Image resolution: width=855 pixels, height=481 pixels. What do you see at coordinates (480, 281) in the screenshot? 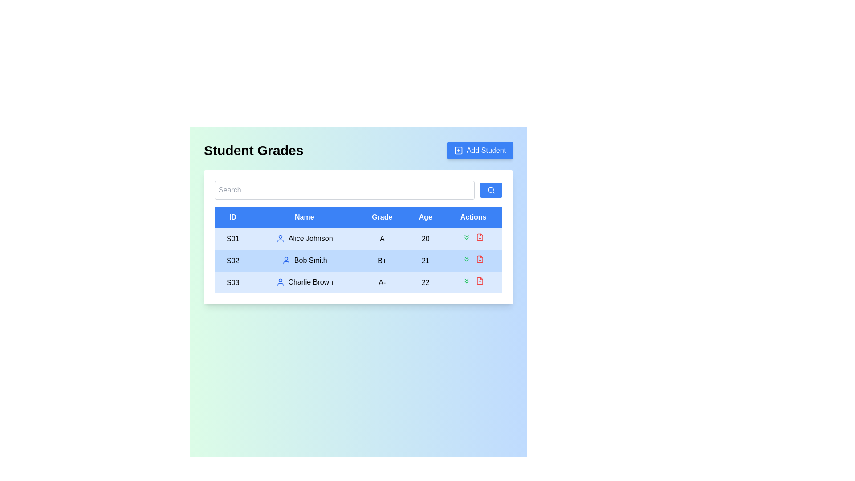
I see `the delete icon button located in the last row of the 'Actions' column in the table, which indicates a delete option for the corresponding row` at bounding box center [480, 281].